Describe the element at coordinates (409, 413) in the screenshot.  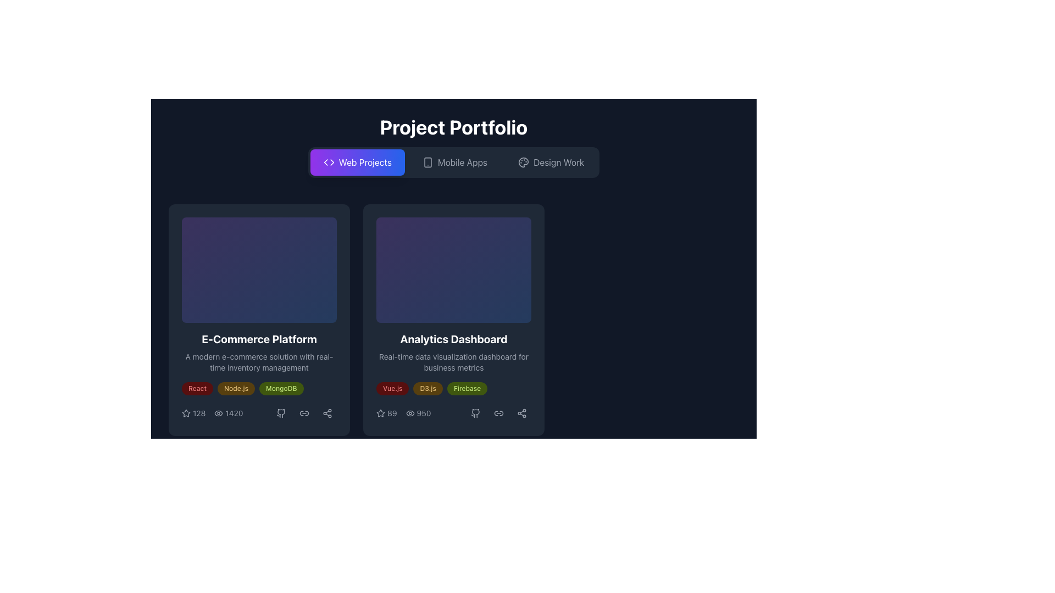
I see `the eye-shaped button in the right section of the second card labeled 'Analytics Dashboard', which signifies visibility or view action` at that location.